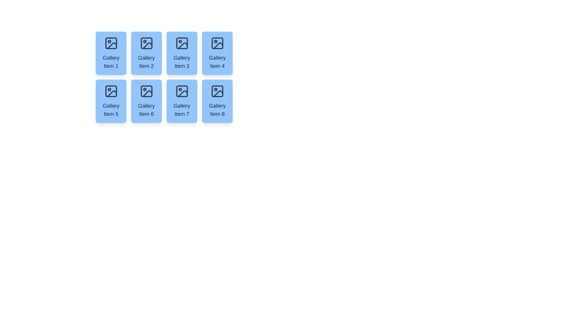 The width and height of the screenshot is (562, 316). I want to click on the gallery item display card located in the first column and second row of the grid, so click(111, 101).